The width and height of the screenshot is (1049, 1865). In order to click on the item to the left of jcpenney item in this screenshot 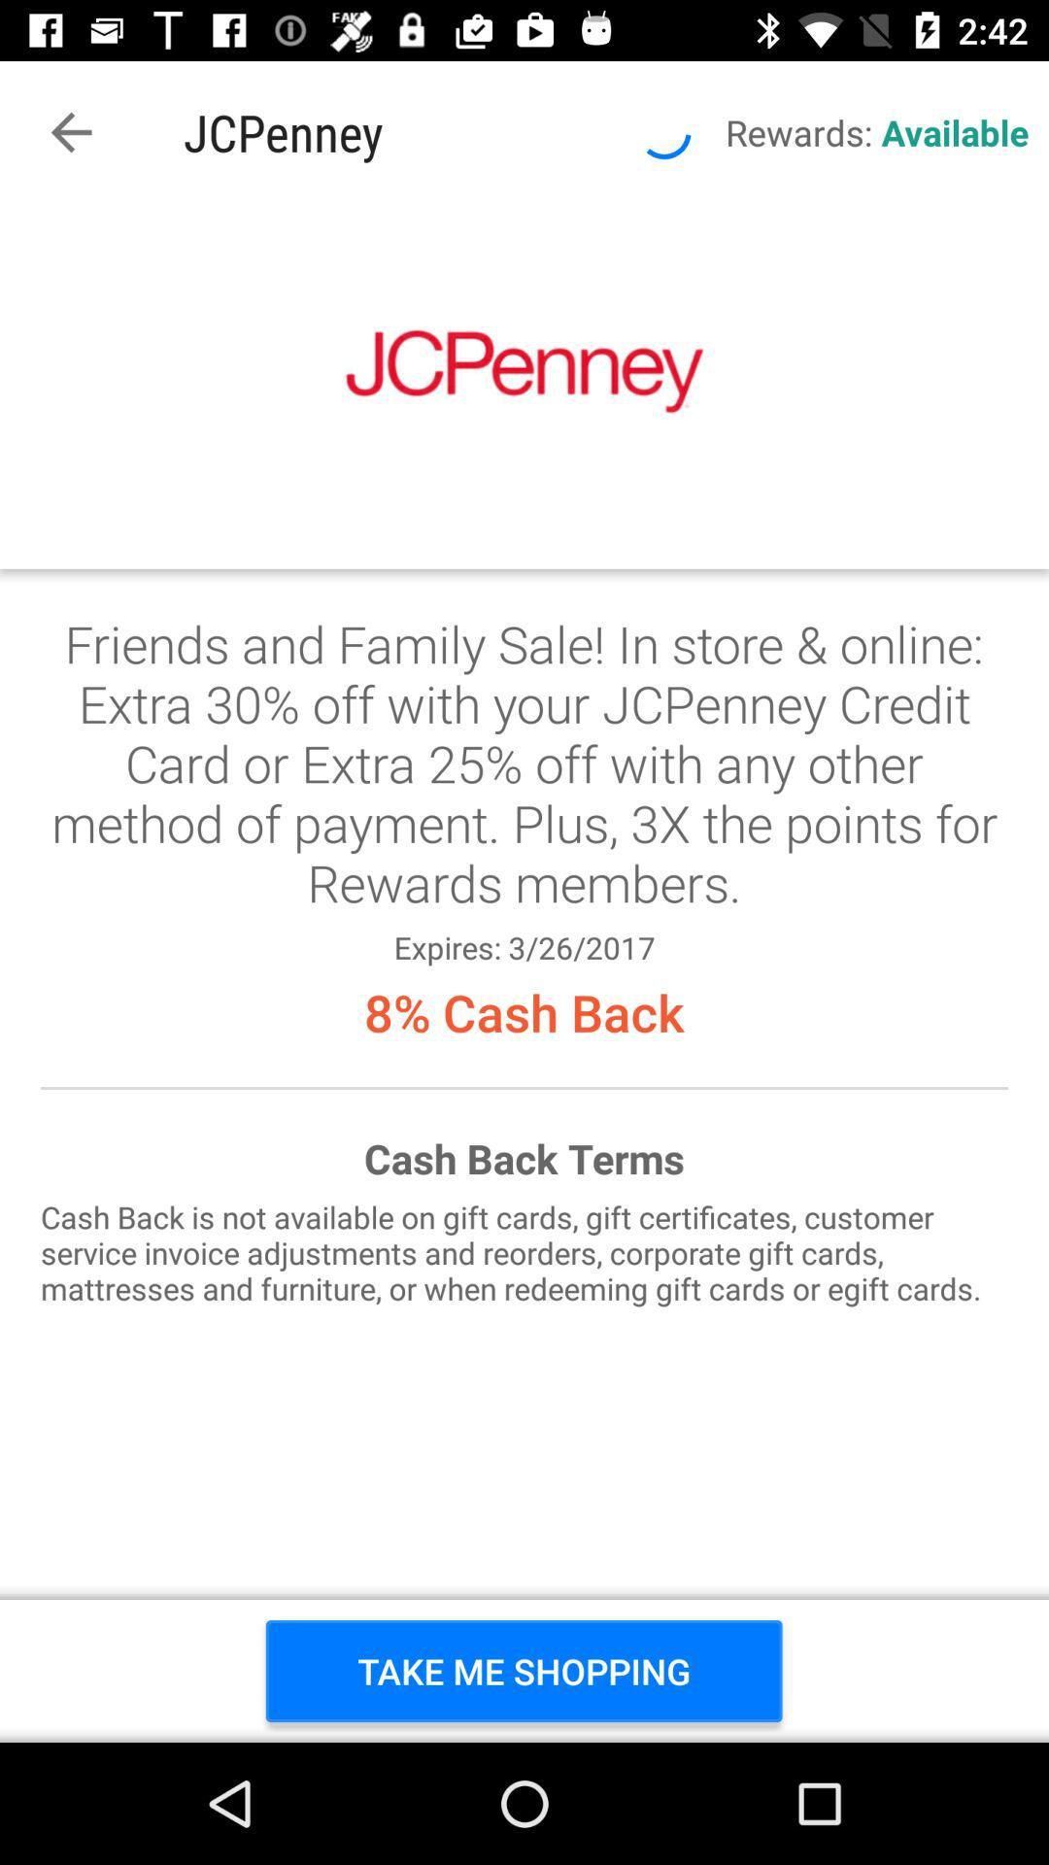, I will do `click(70, 131)`.